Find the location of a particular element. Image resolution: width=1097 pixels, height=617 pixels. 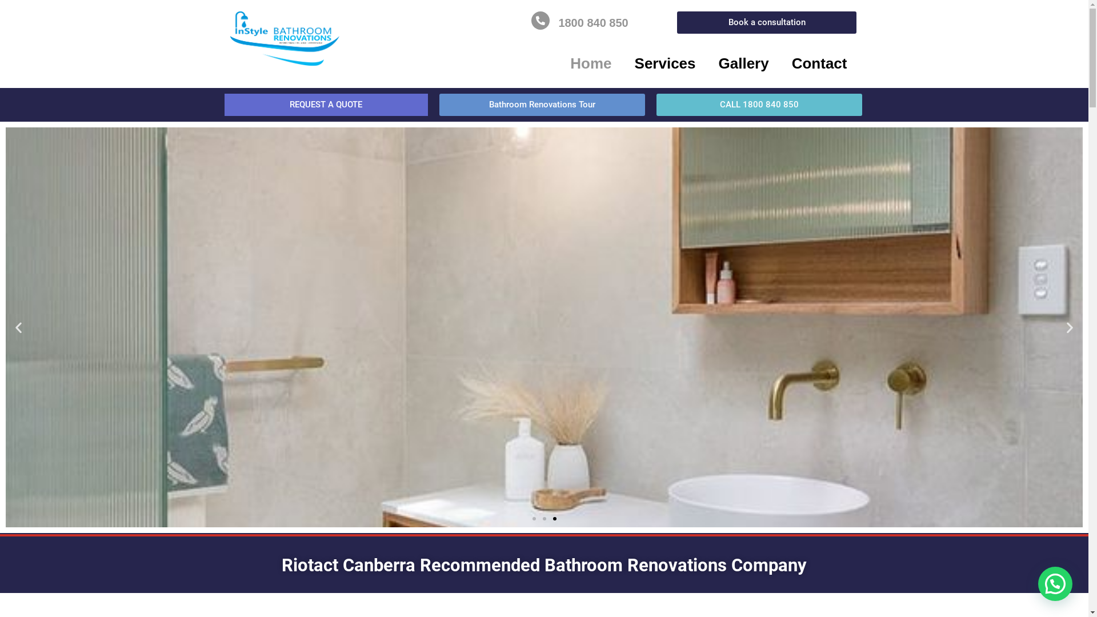

'Bathroom Renovations Tour' is located at coordinates (542, 105).